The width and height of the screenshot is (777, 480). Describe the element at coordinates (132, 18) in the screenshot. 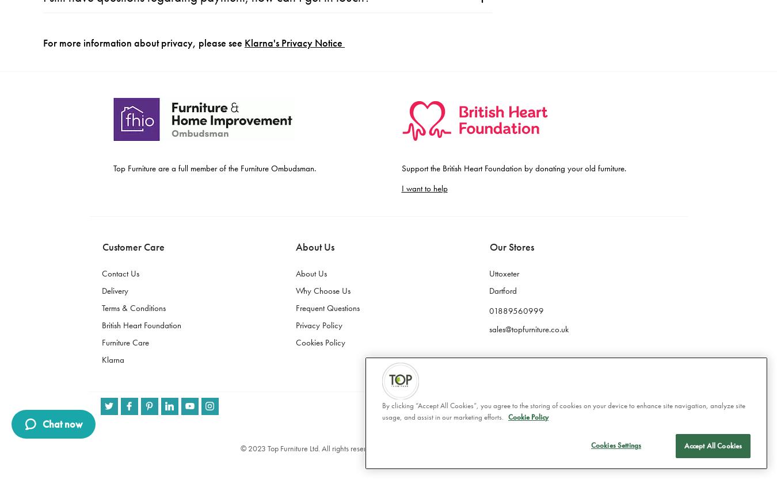

I see `'Terms & Conditions'` at that location.